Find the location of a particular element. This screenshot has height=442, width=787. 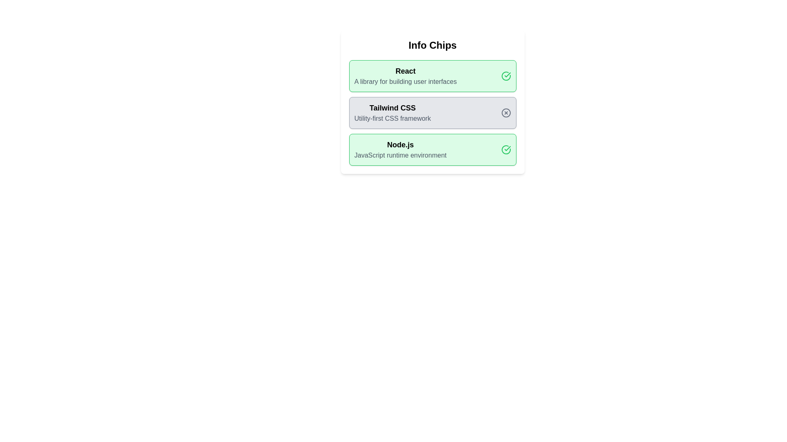

the chip labeled Tailwind CSS is located at coordinates (432, 113).